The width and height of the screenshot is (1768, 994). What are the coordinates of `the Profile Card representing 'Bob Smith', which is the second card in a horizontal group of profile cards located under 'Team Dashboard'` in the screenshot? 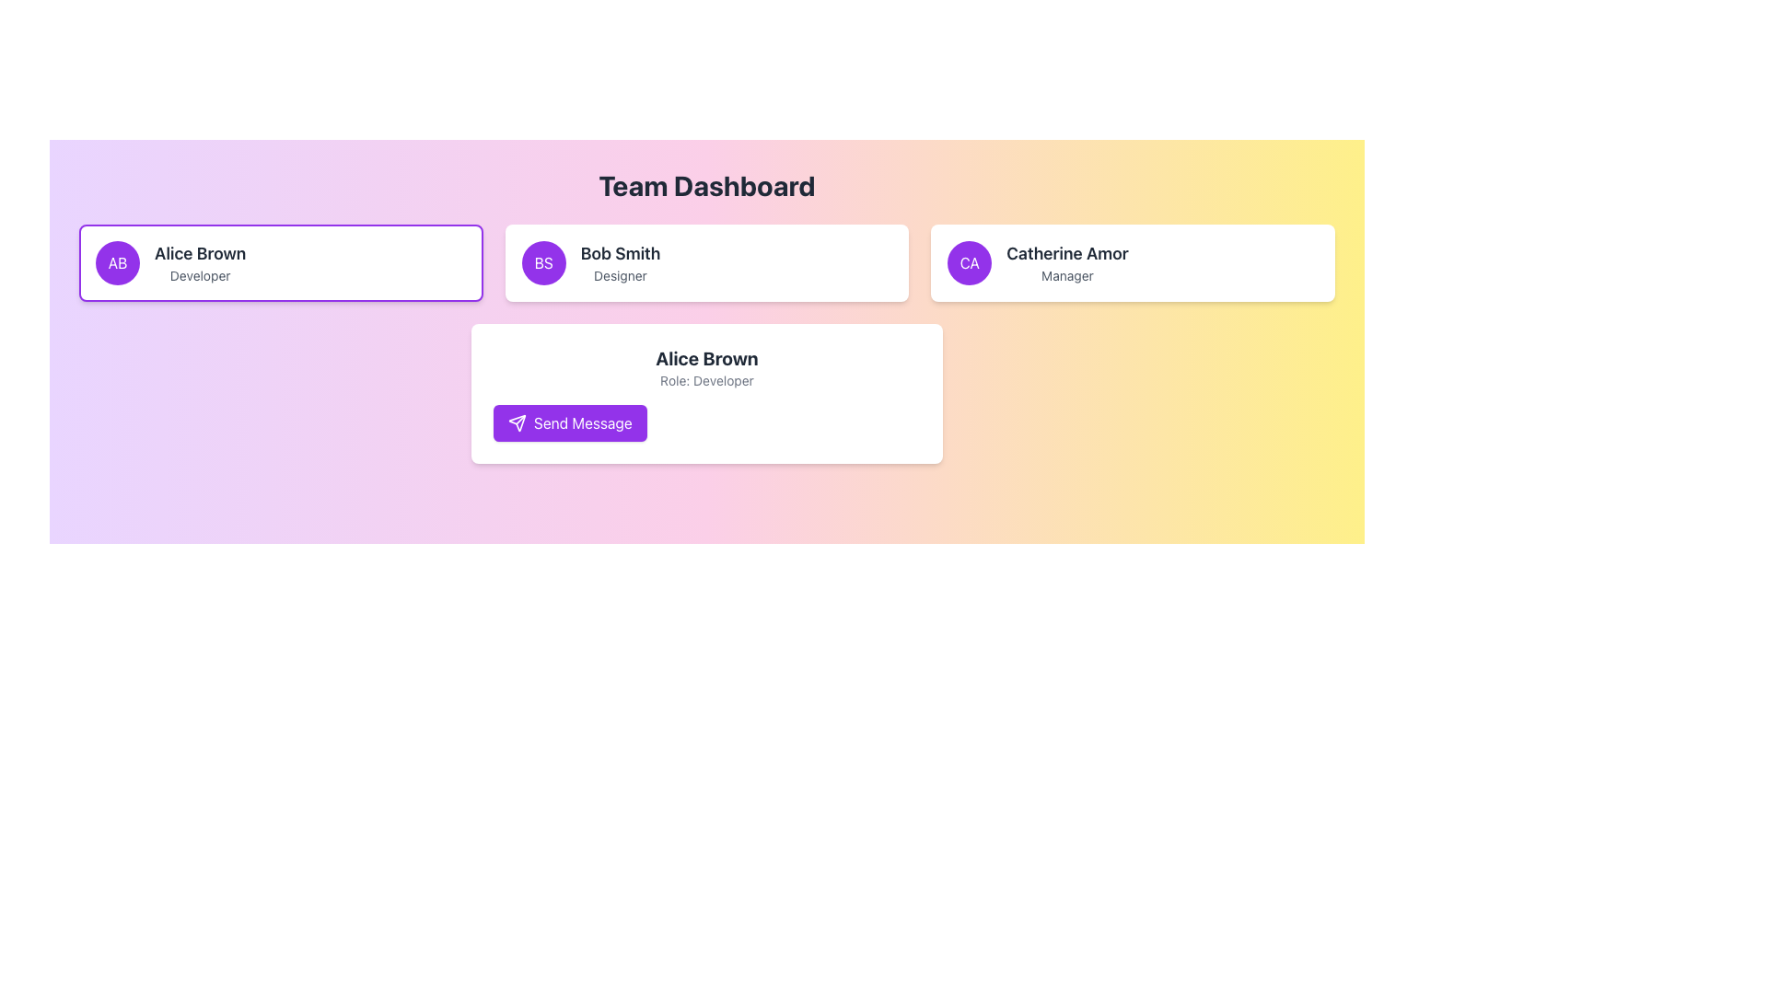 It's located at (706, 262).